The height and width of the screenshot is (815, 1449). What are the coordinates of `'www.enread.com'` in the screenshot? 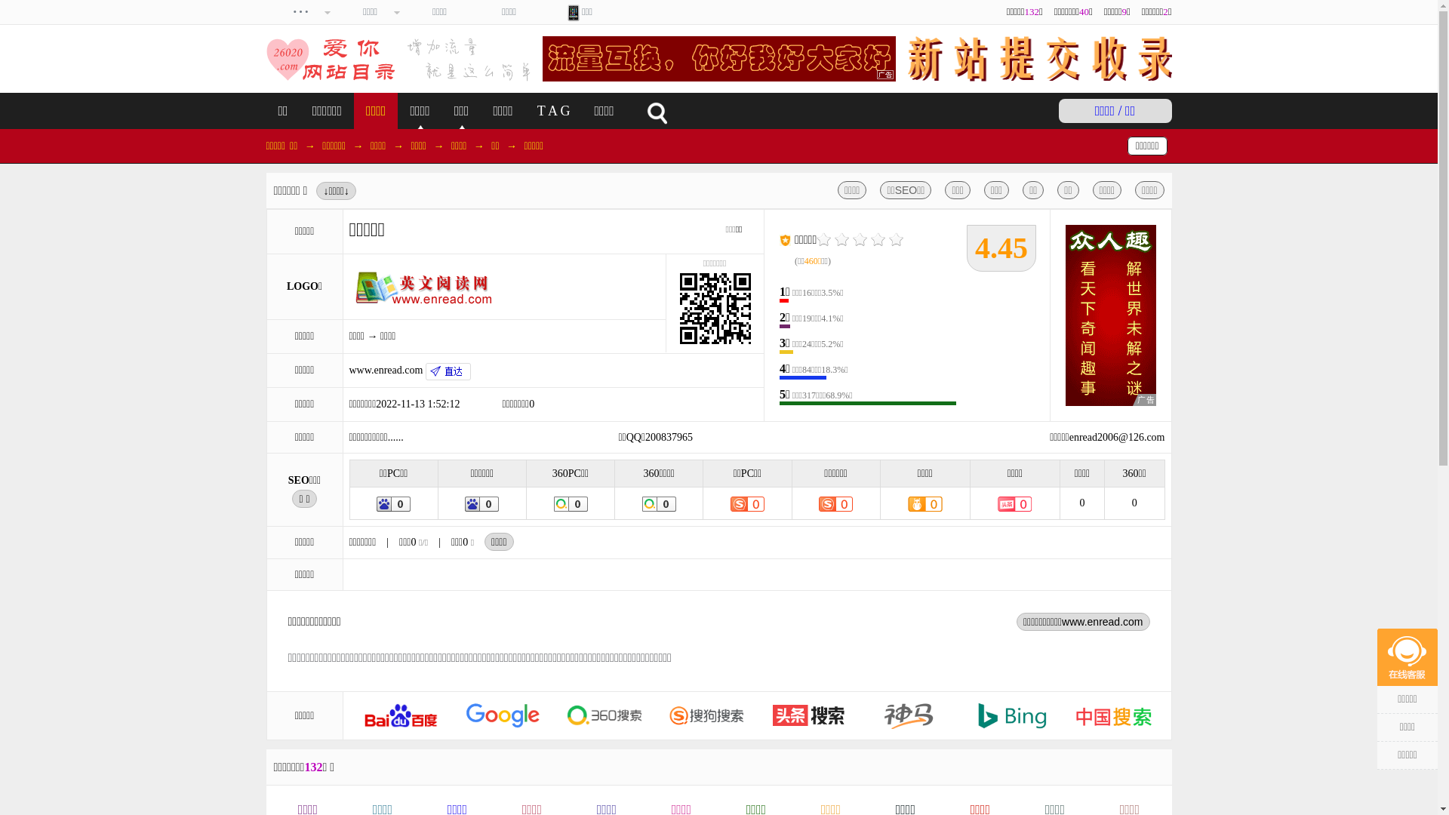 It's located at (409, 370).